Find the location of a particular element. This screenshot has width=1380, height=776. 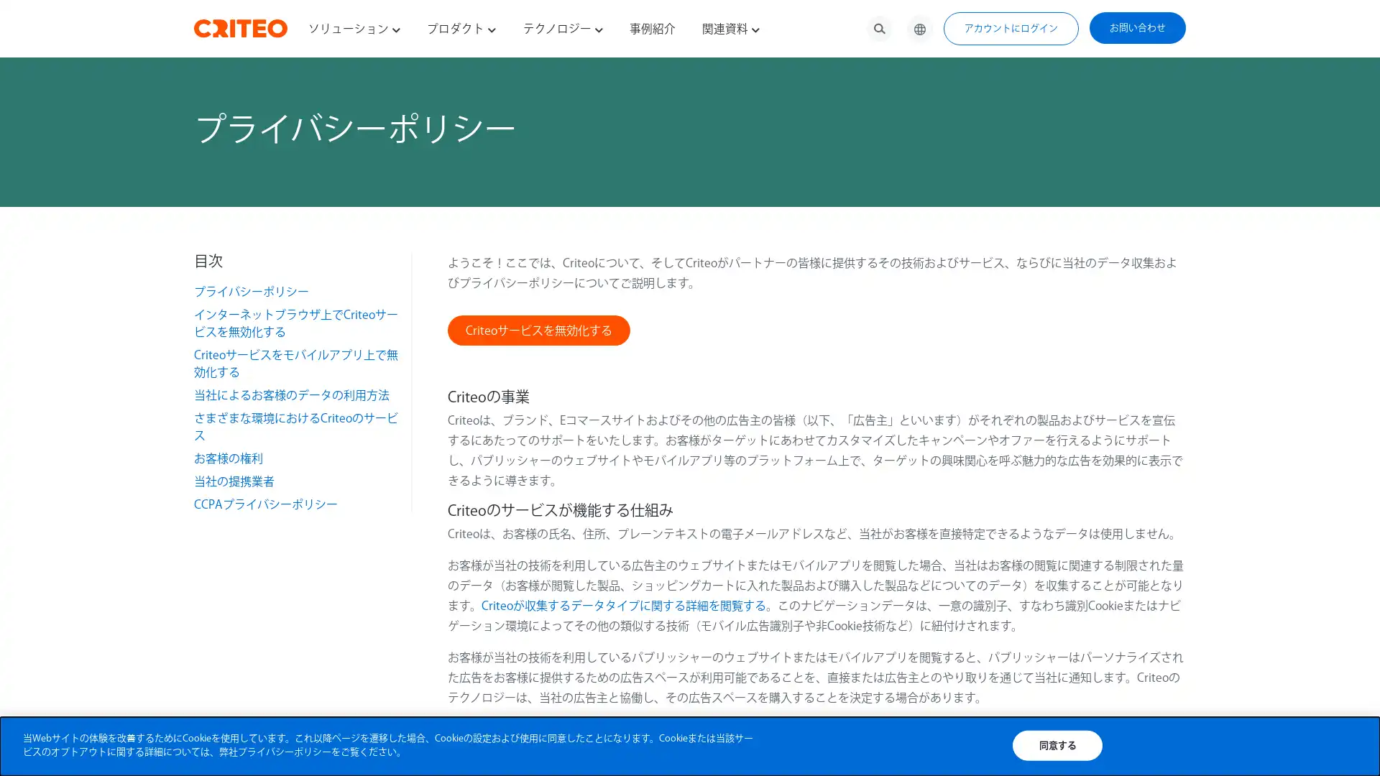

search is located at coordinates (879, 28).